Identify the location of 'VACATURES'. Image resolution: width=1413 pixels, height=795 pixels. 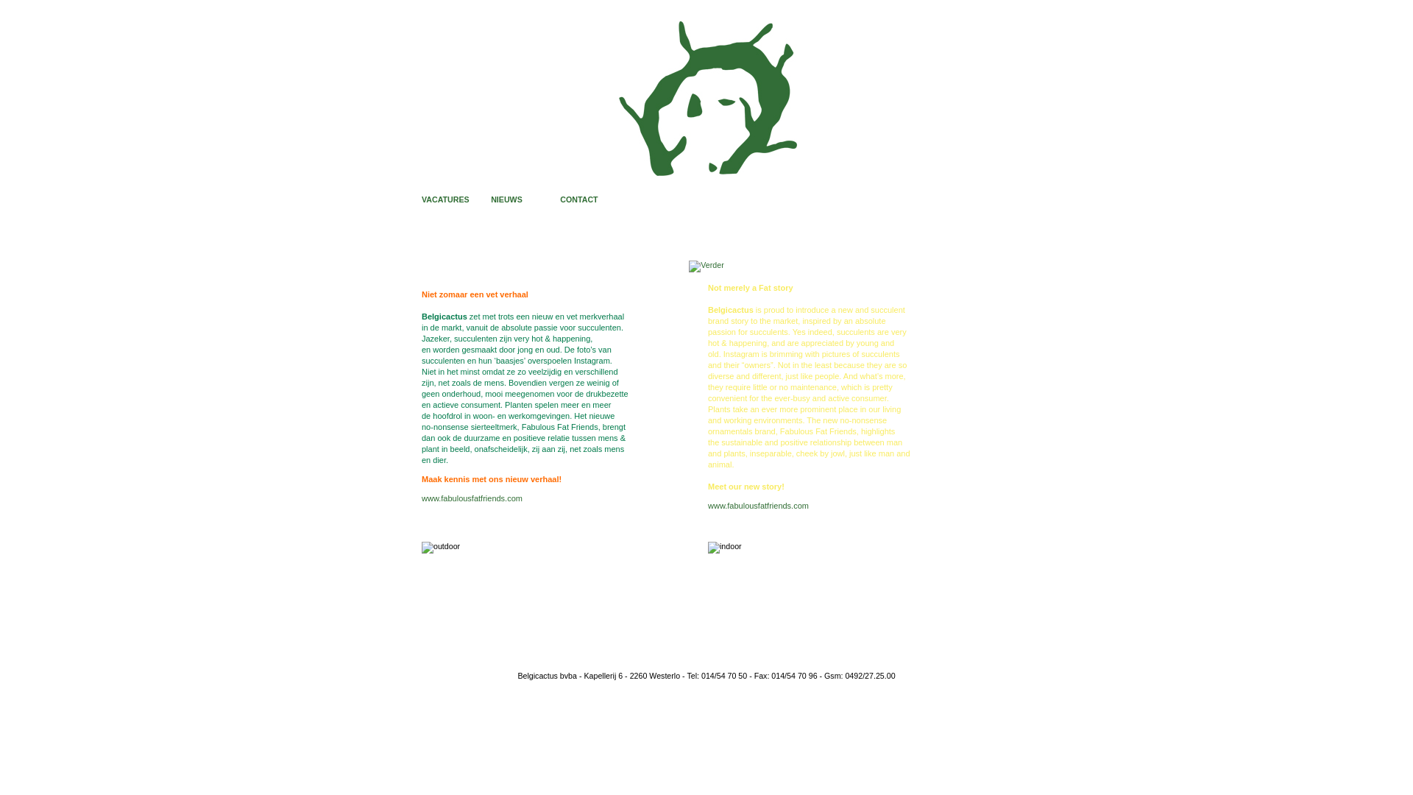
(445, 199).